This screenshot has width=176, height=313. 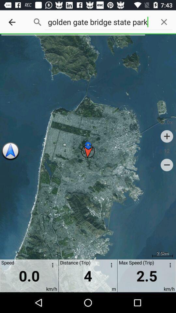 I want to click on the more icon, so click(x=110, y=266).